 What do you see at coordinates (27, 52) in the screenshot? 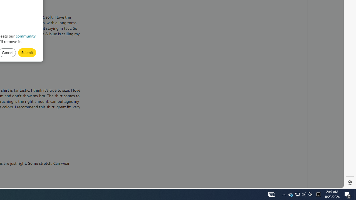
I see `'Mark this review for abuse BUTTON'` at bounding box center [27, 52].